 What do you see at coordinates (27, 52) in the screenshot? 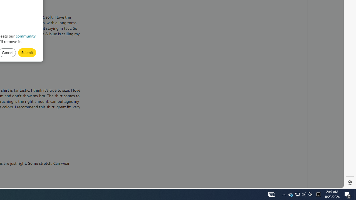
I see `'Mark this review for abuse BUTTON'` at bounding box center [27, 52].